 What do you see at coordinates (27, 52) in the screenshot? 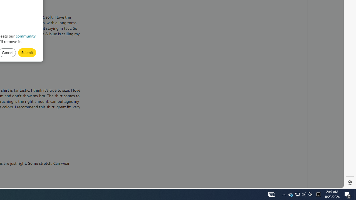
I see `'Mark this review for abuse BUTTON'` at bounding box center [27, 52].